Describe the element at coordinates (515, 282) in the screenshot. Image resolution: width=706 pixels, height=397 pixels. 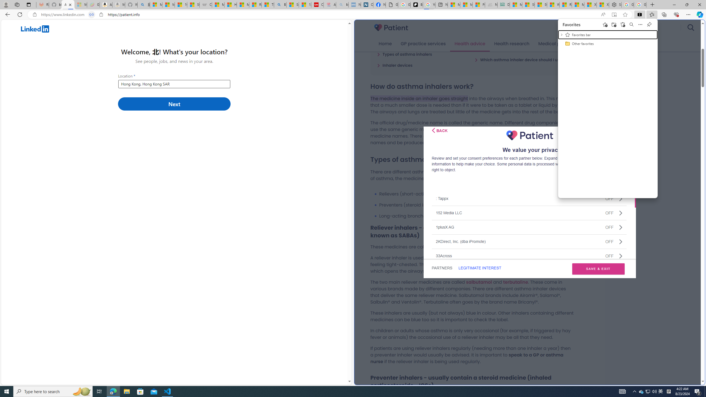
I see `'terbutaline'` at that location.